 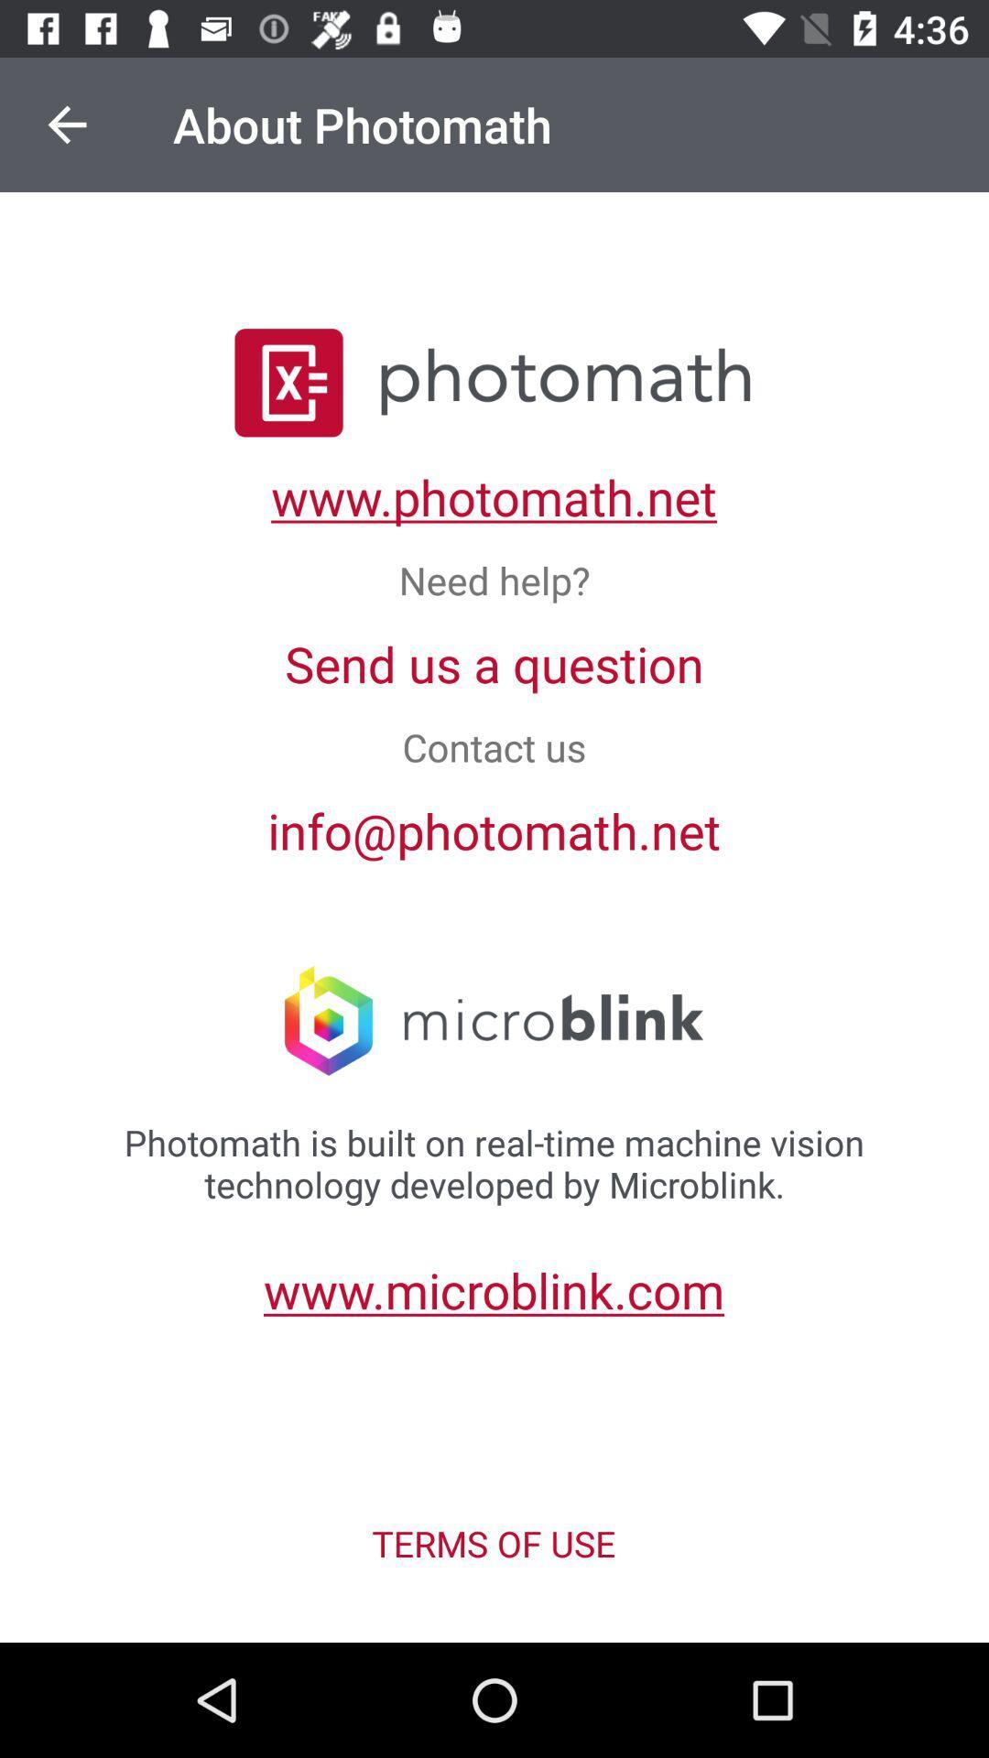 I want to click on icon above the photomath is built icon, so click(x=66, y=124).